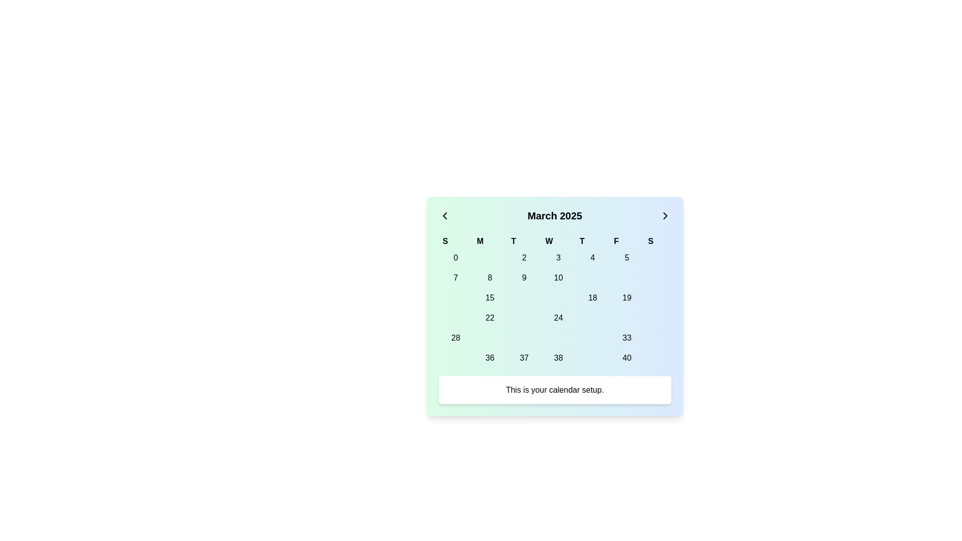 This screenshot has width=962, height=541. Describe the element at coordinates (524, 278) in the screenshot. I see `the text label representing the calendar date '9', which is the third item in a horizontal sequence of numbers positioned between '8' and '10' in the upper part of the calendar grid` at that location.